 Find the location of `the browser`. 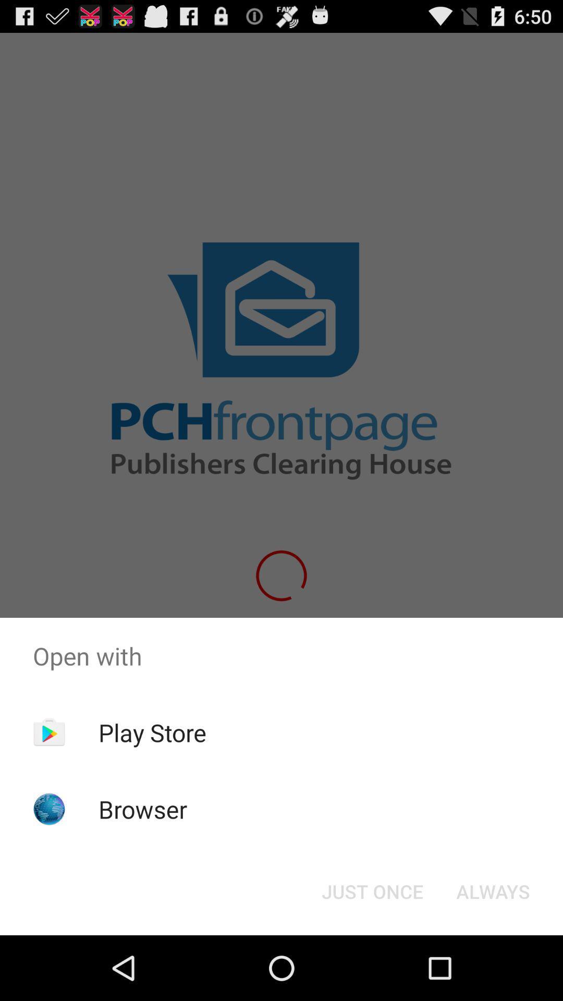

the browser is located at coordinates (143, 809).